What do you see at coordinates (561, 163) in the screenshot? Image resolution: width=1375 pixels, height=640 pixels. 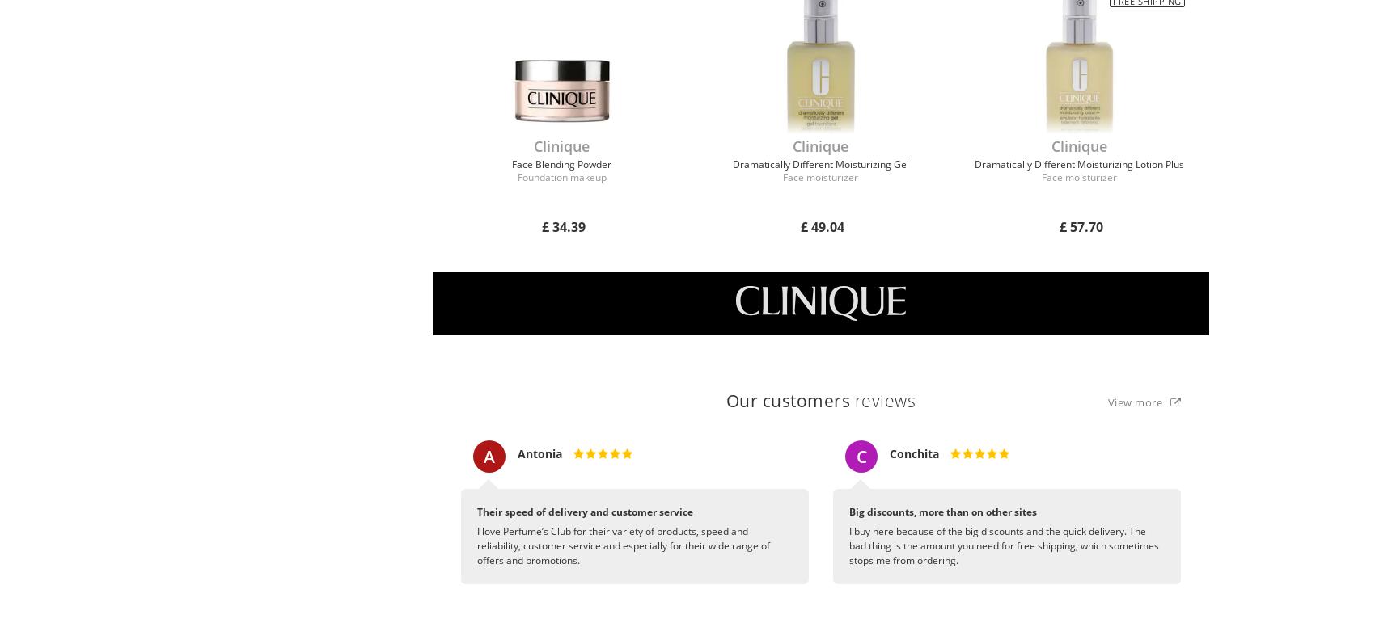 I see `'Face Blending Powder'` at bounding box center [561, 163].